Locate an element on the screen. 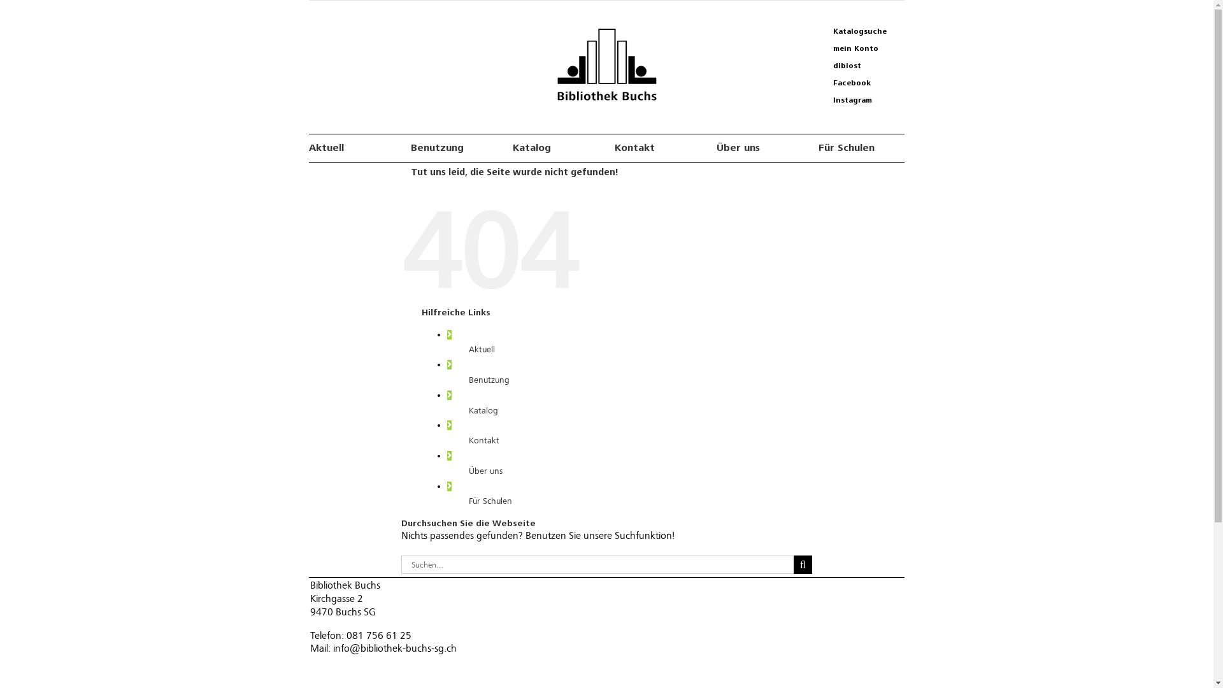  'Katalog' is located at coordinates (555, 147).